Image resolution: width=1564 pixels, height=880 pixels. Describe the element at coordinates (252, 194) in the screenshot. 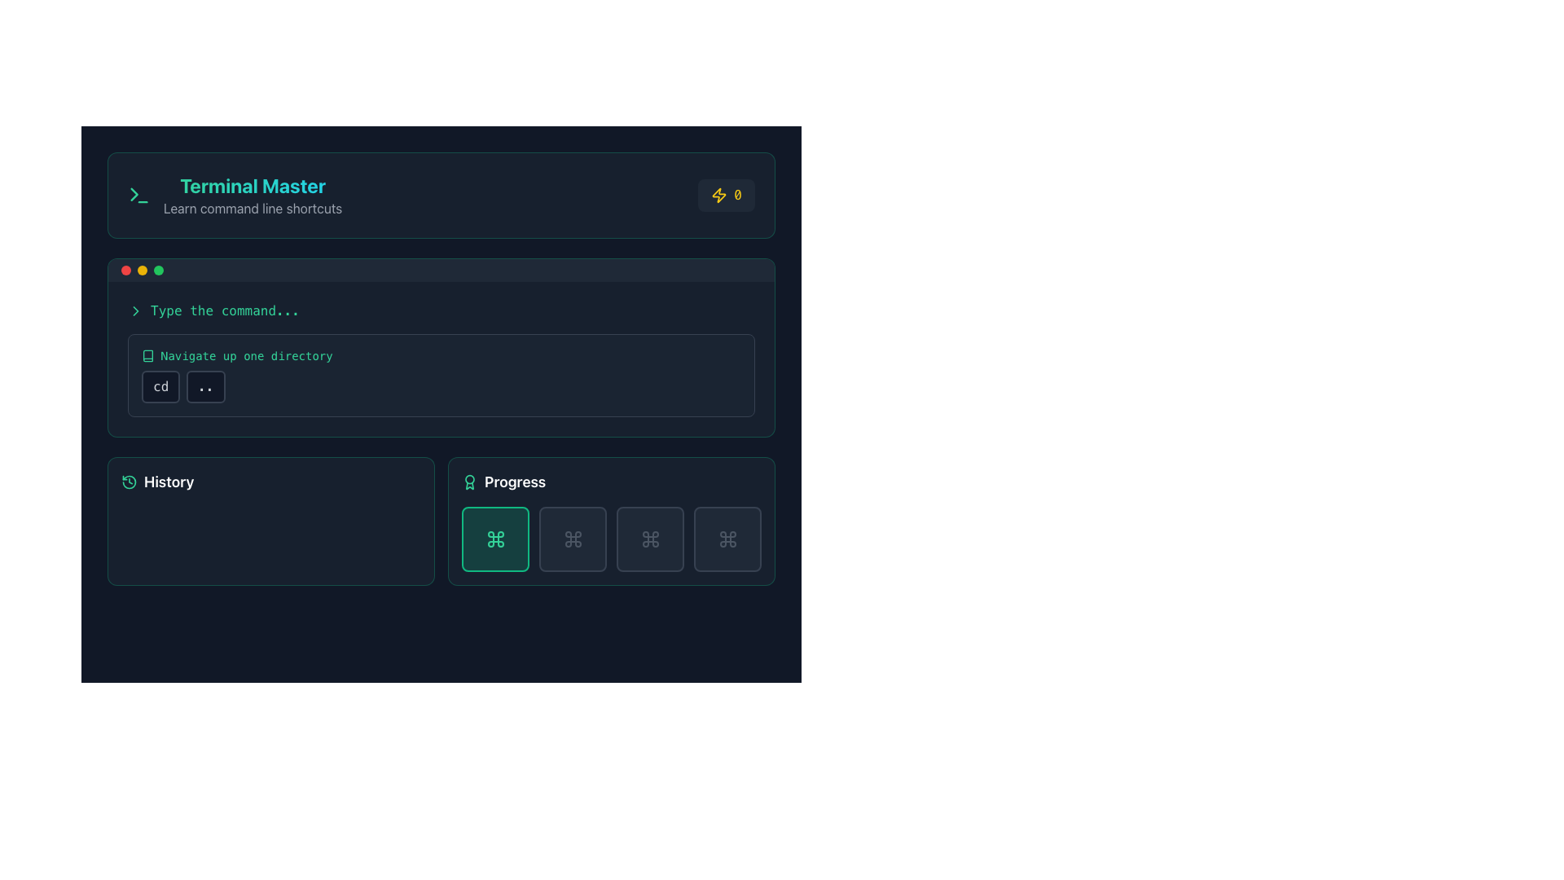

I see `the text element that serves as a title and subtitle, located near the top-left section of the interface, adjacent to the green terminal icon` at that location.